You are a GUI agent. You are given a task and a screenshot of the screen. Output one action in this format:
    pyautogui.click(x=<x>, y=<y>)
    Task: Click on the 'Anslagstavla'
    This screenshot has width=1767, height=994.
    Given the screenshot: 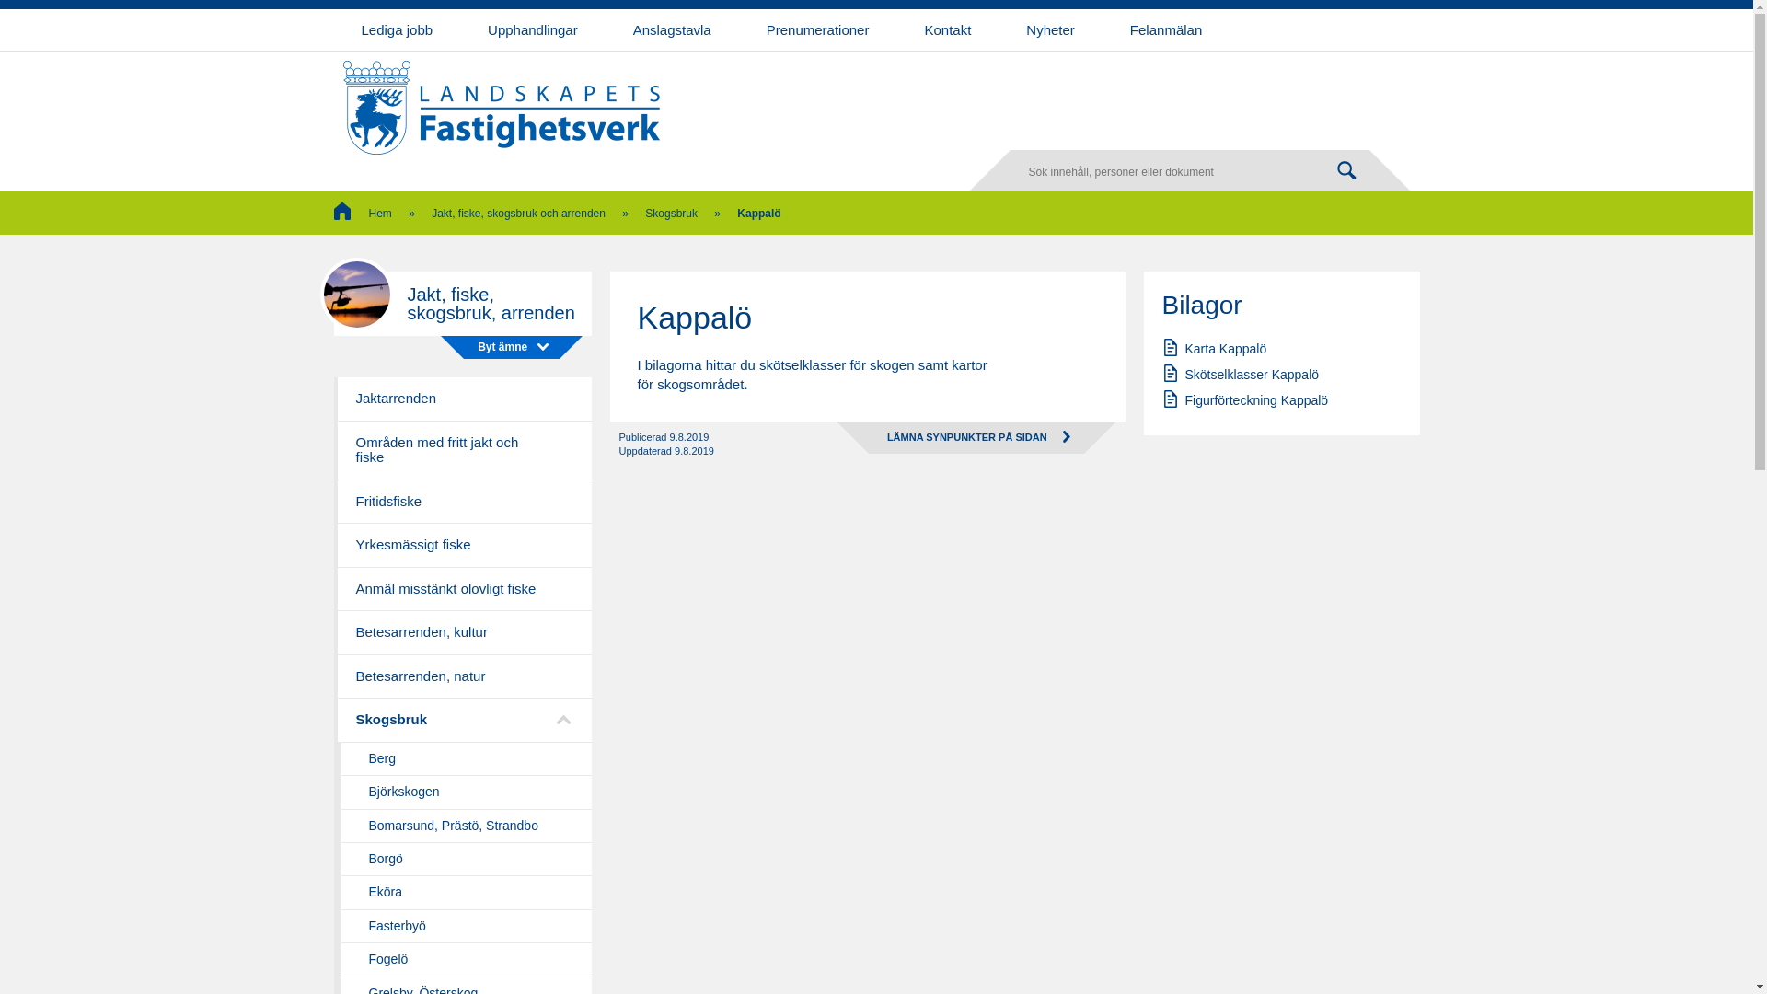 What is the action you would take?
    pyautogui.click(x=671, y=29)
    